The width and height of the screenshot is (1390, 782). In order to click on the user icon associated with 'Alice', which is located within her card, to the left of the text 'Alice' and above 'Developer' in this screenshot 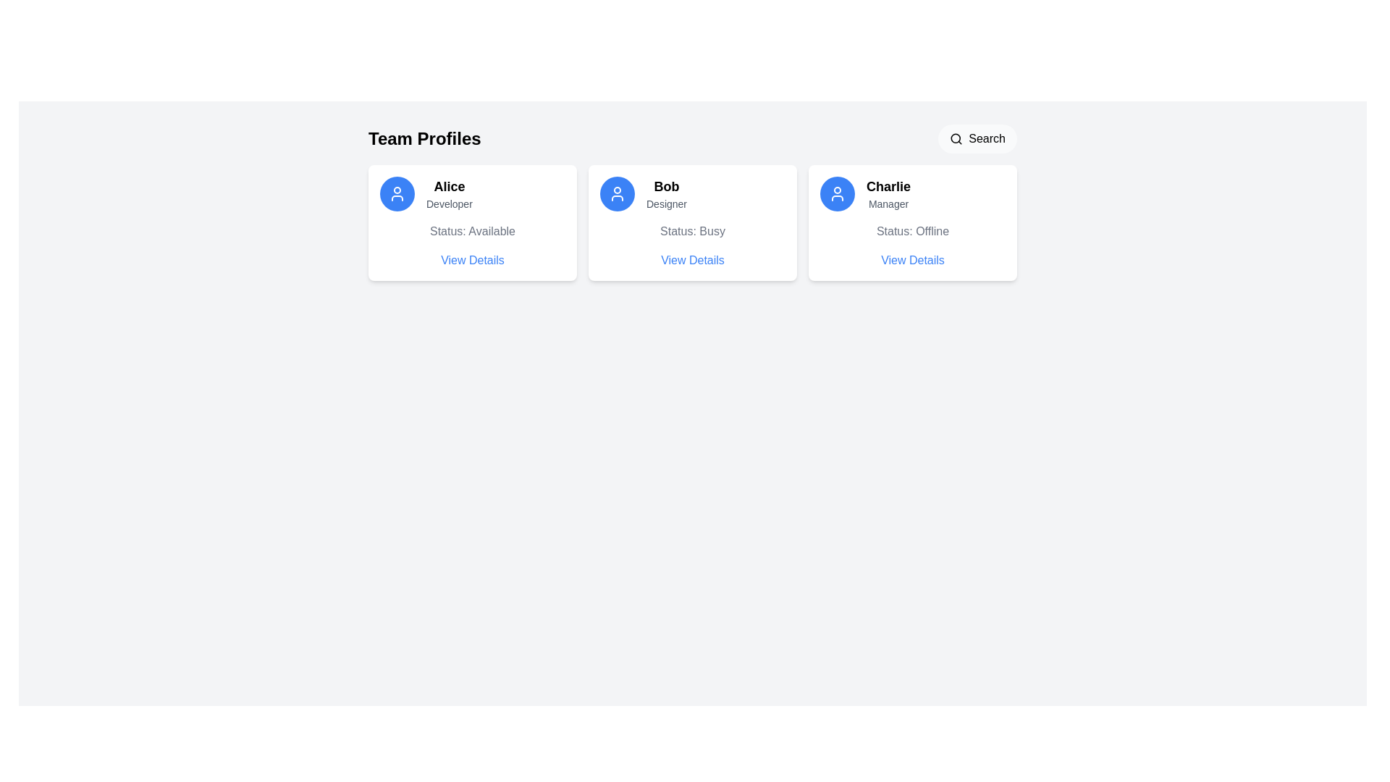, I will do `click(397, 193)`.